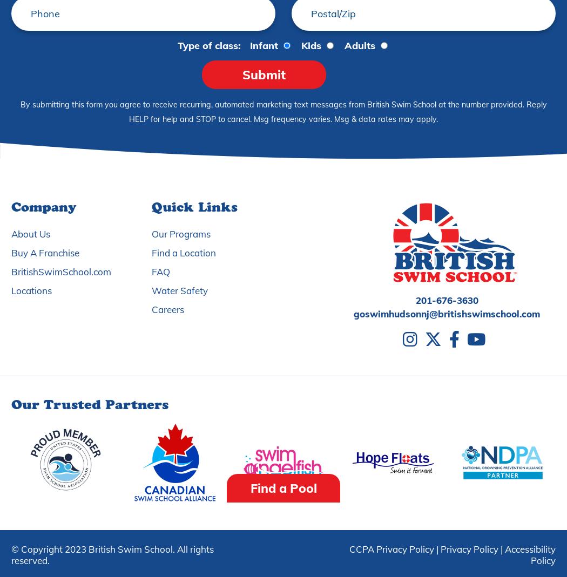  What do you see at coordinates (11, 271) in the screenshot?
I see `'BritishSwimSchool.com'` at bounding box center [11, 271].